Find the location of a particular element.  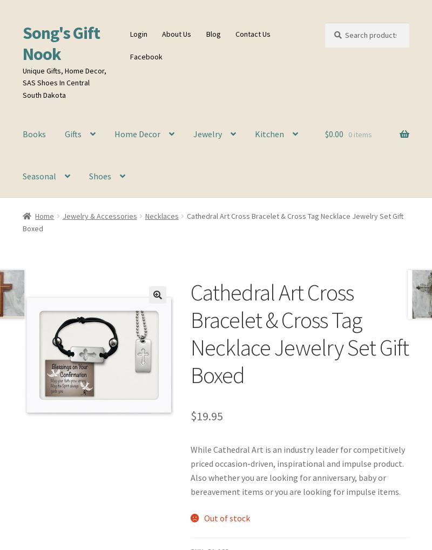

'Unique Gifts, Home Decor, SAS Shoes In Central South Dakota' is located at coordinates (63, 82).